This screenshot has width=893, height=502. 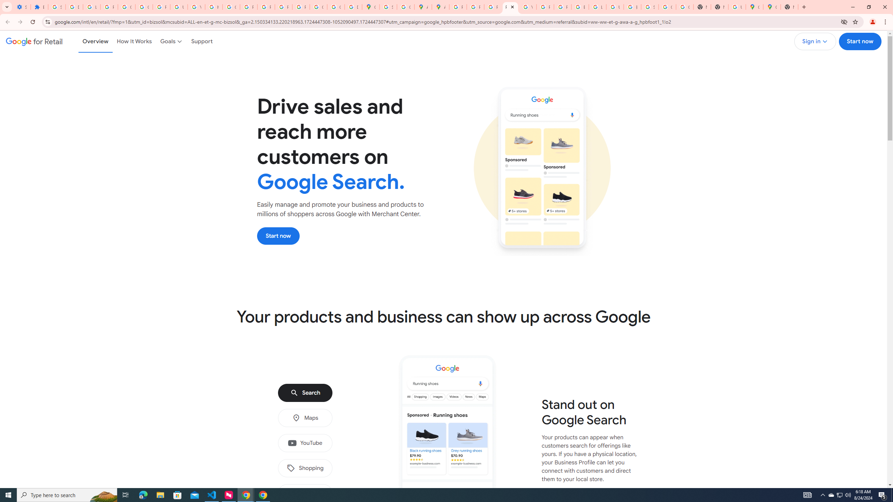 What do you see at coordinates (305, 443) in the screenshot?
I see `'YouTube'` at bounding box center [305, 443].